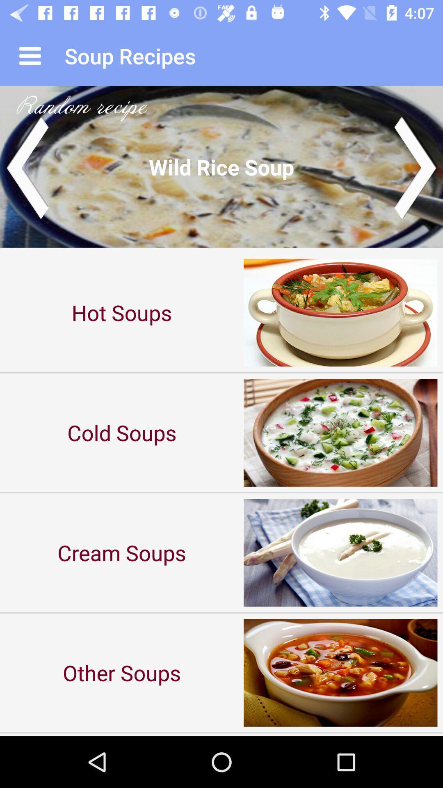 This screenshot has height=788, width=443. What do you see at coordinates (221, 166) in the screenshot?
I see `the icon above the hot soups item` at bounding box center [221, 166].